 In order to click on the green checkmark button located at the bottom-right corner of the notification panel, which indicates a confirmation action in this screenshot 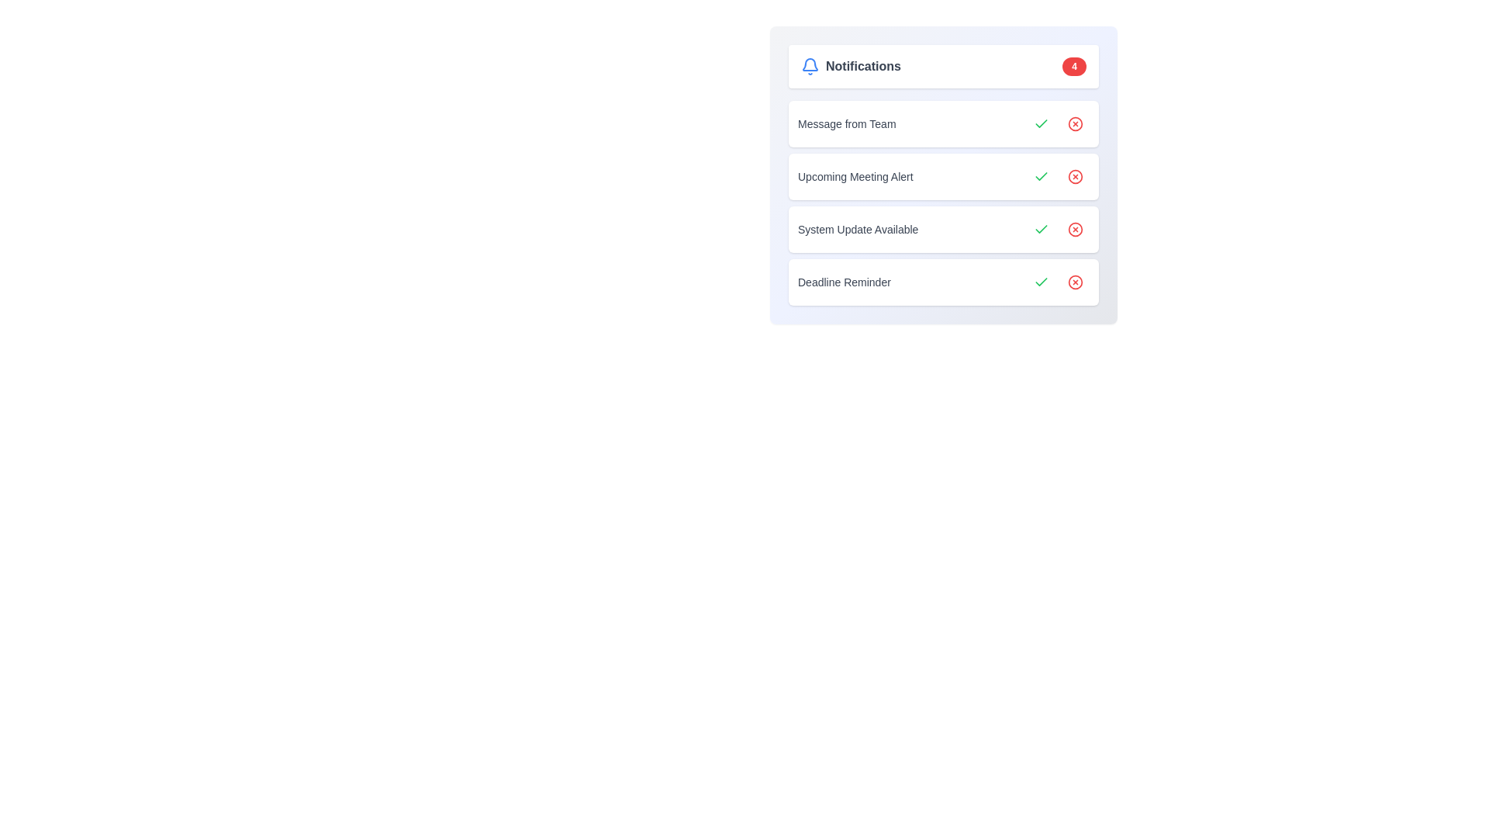, I will do `click(1042, 282)`.